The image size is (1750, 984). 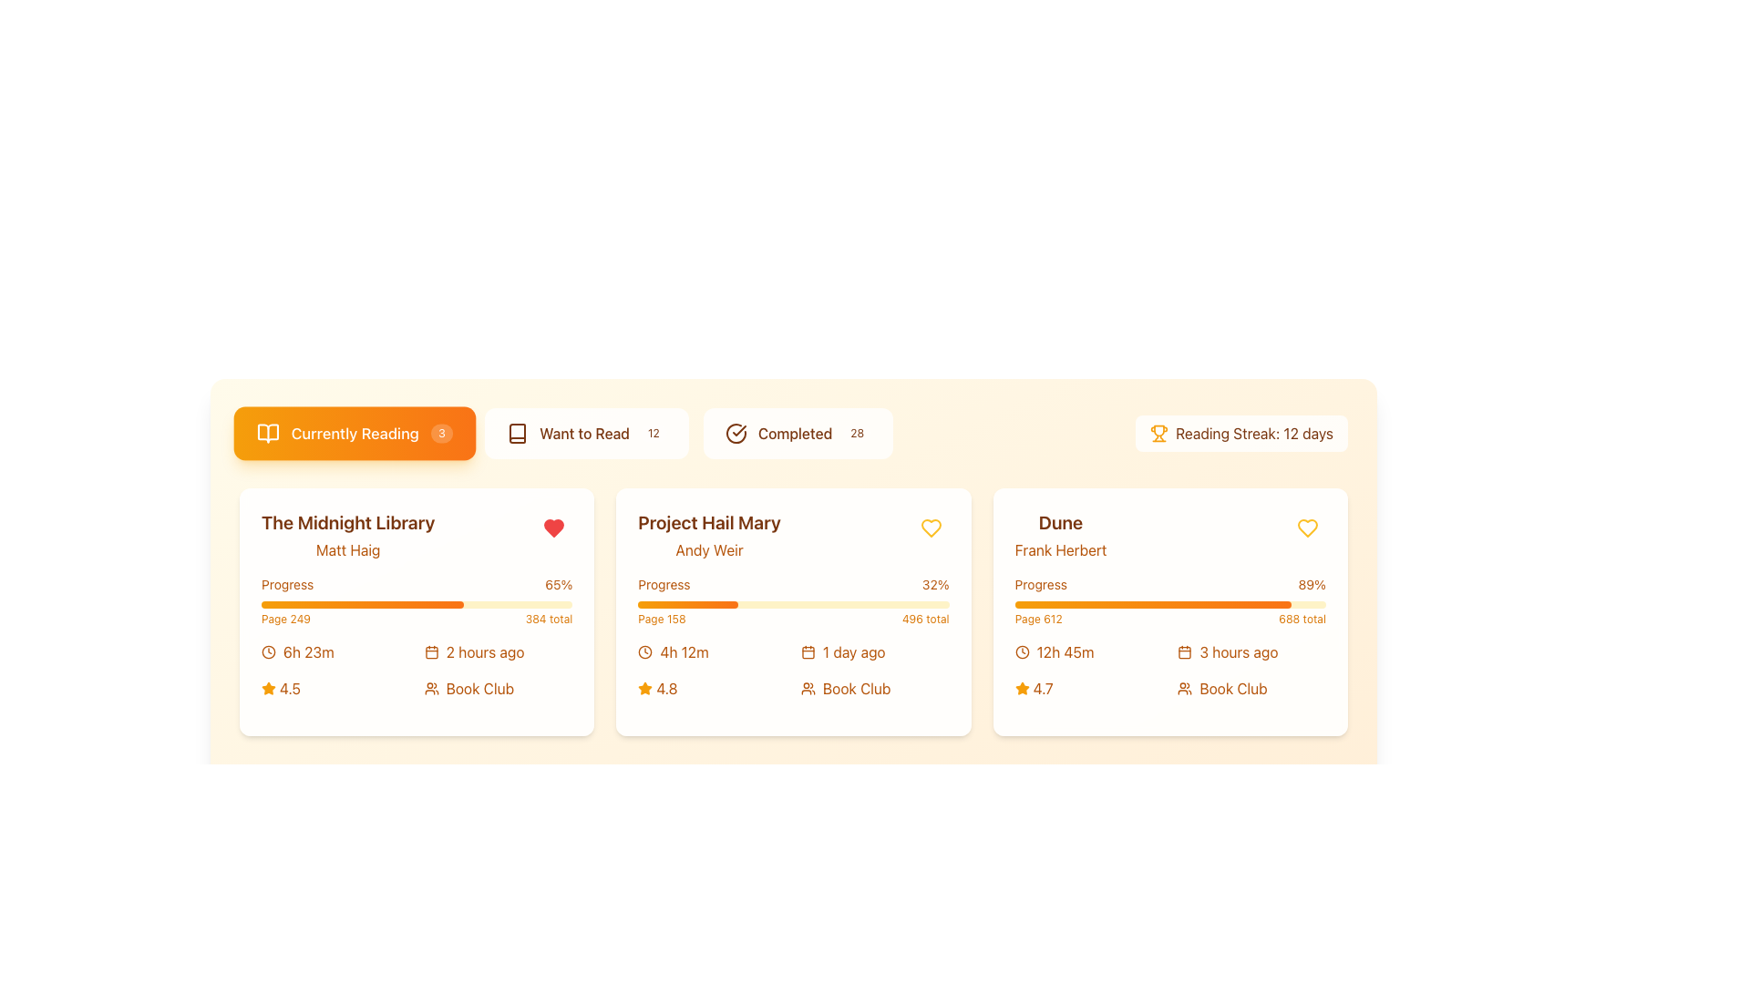 What do you see at coordinates (1239, 651) in the screenshot?
I see `the text element displaying '3 hours ago', located at the bottom-center of the third card labeled 'Dune', which is adjacent to a calendar icon` at bounding box center [1239, 651].